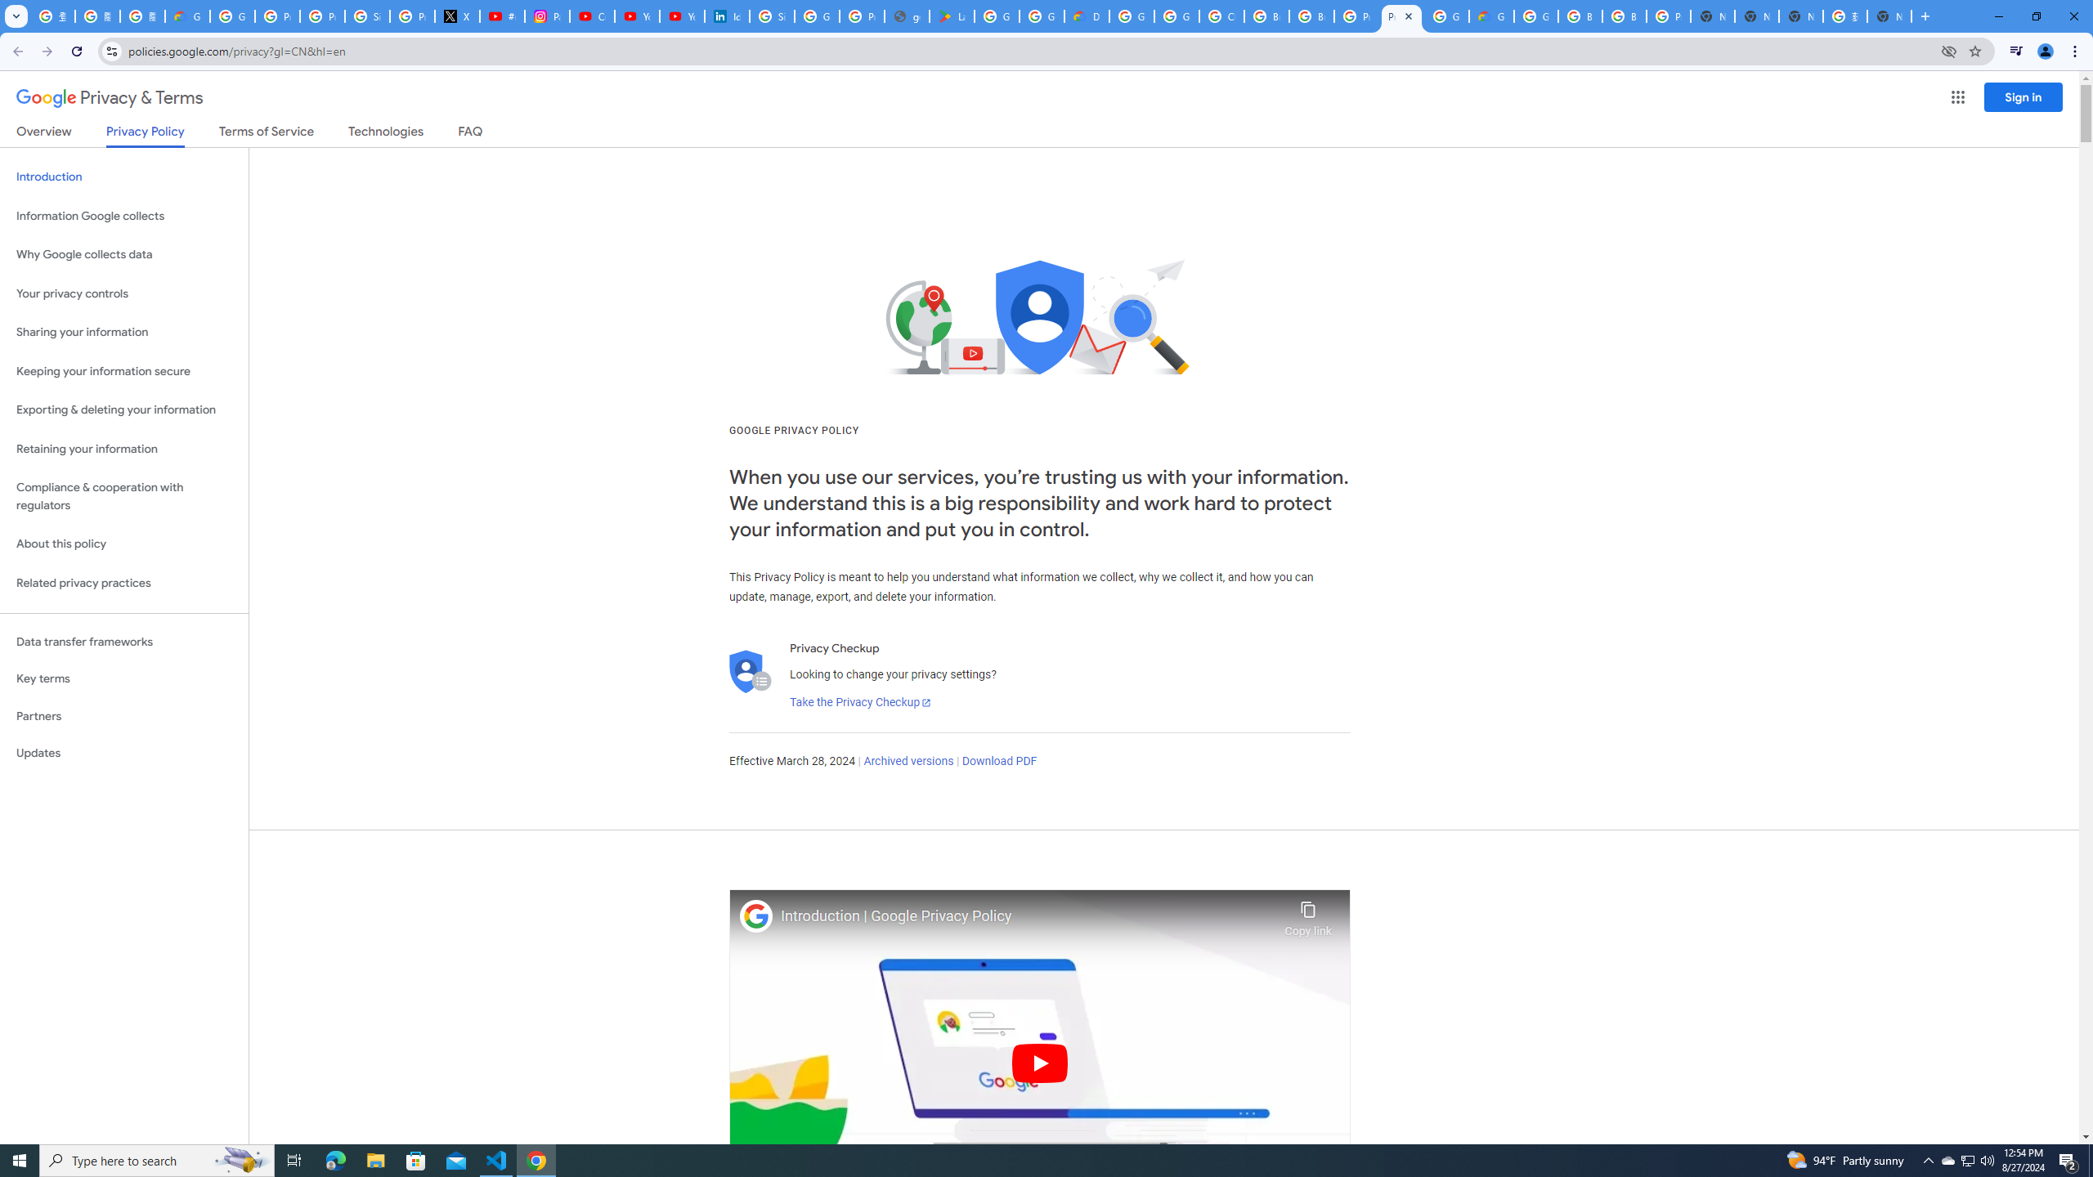  What do you see at coordinates (1307, 914) in the screenshot?
I see `'Copy link'` at bounding box center [1307, 914].